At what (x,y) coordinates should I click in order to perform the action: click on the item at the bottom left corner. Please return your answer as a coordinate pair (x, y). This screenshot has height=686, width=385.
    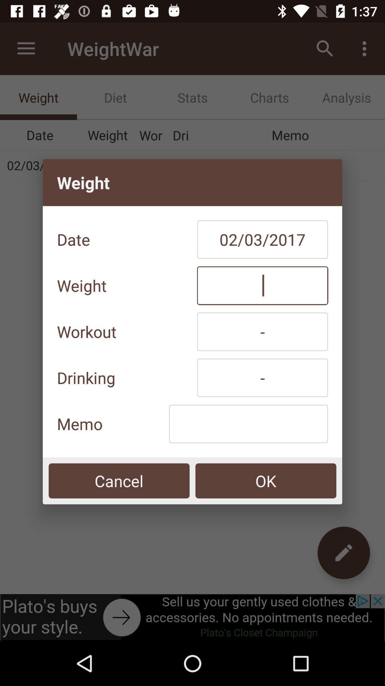
    Looking at the image, I should click on (119, 481).